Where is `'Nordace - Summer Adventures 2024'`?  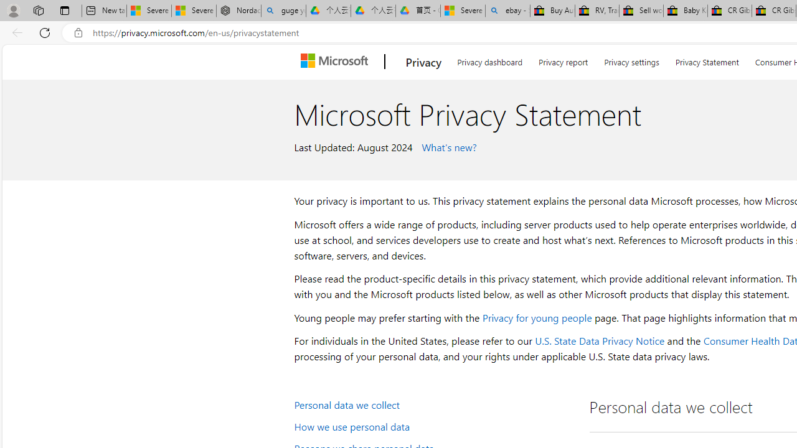 'Nordace - Summer Adventures 2024' is located at coordinates (238, 11).